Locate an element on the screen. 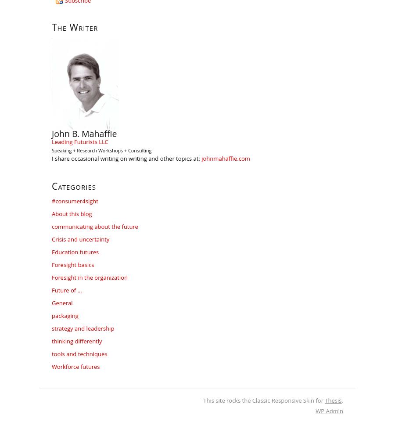  'Workforce futures' is located at coordinates (51, 367).